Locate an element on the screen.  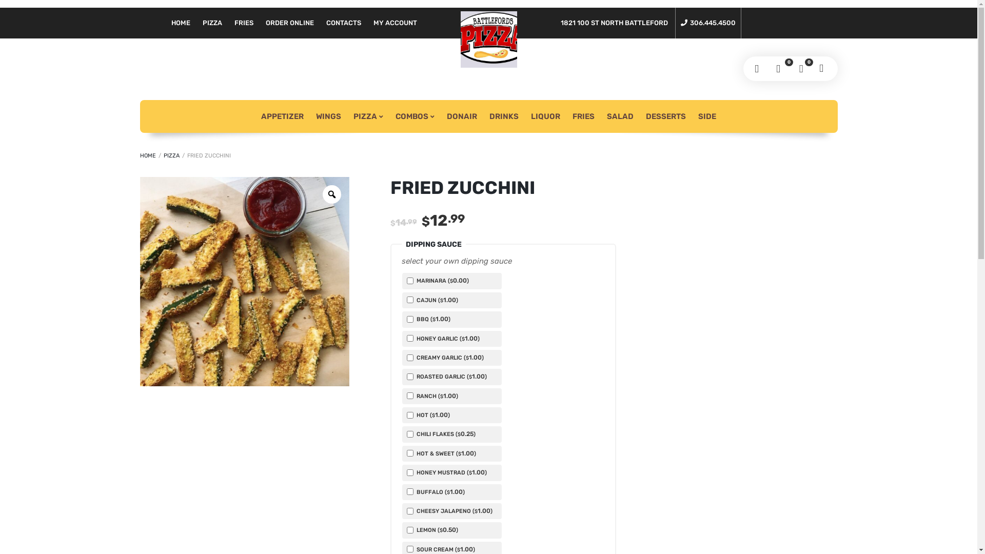
'SIDE' is located at coordinates (693, 116).